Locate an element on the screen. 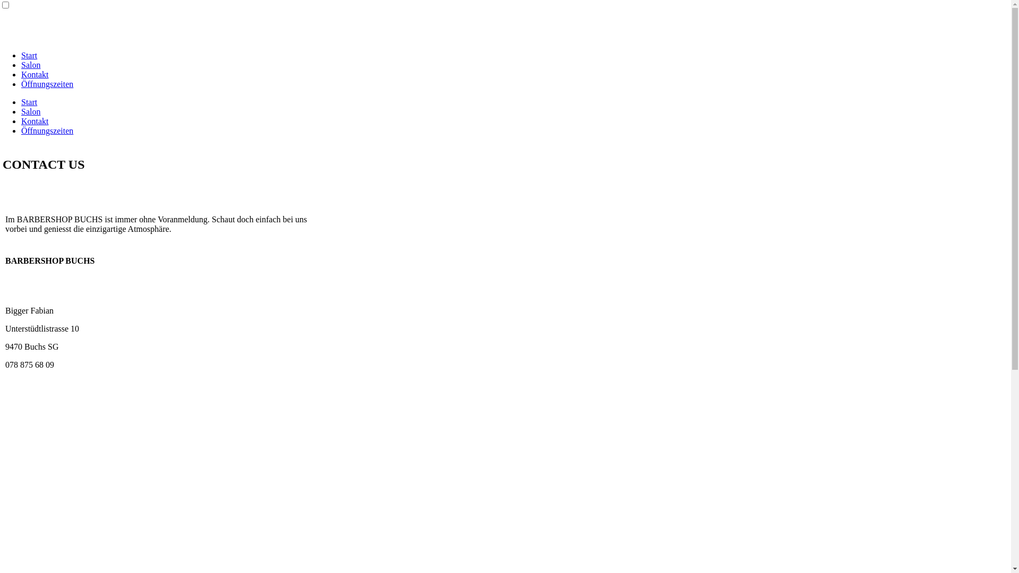 The height and width of the screenshot is (573, 1019). 'Start' is located at coordinates (21, 55).